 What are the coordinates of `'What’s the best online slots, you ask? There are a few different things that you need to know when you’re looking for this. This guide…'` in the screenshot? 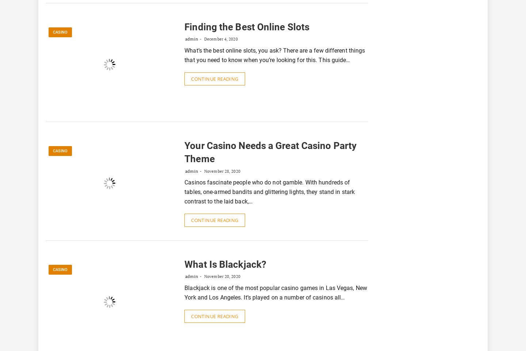 It's located at (274, 54).